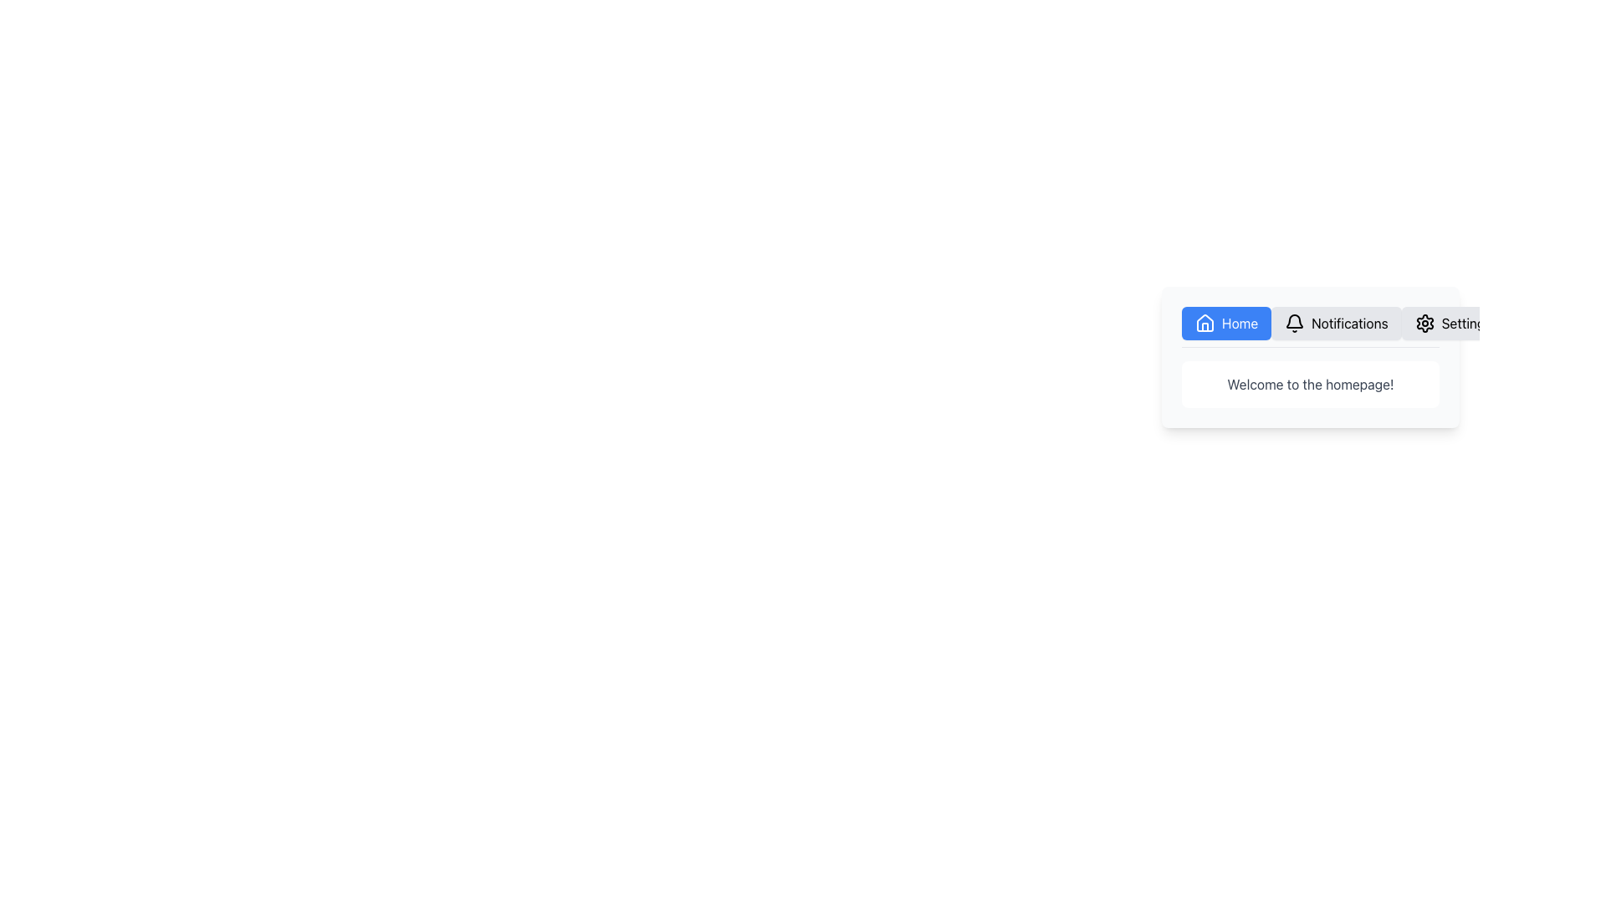  Describe the element at coordinates (1226, 323) in the screenshot. I see `the Home navigation button located in the top-left corner of the horizontal navigation bar` at that location.